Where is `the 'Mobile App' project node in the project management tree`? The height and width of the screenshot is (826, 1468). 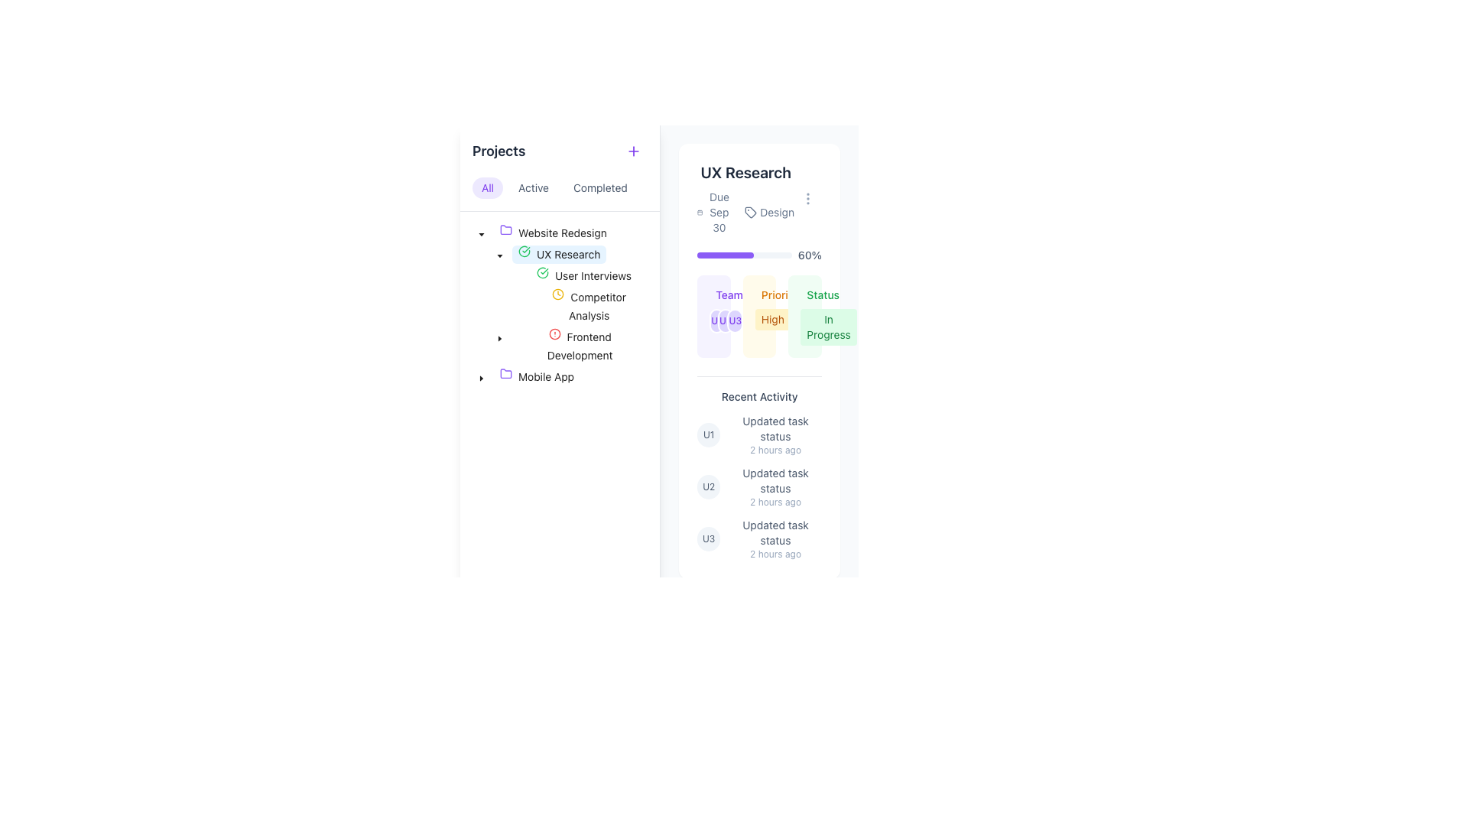 the 'Mobile App' project node in the project management tree is located at coordinates (537, 377).